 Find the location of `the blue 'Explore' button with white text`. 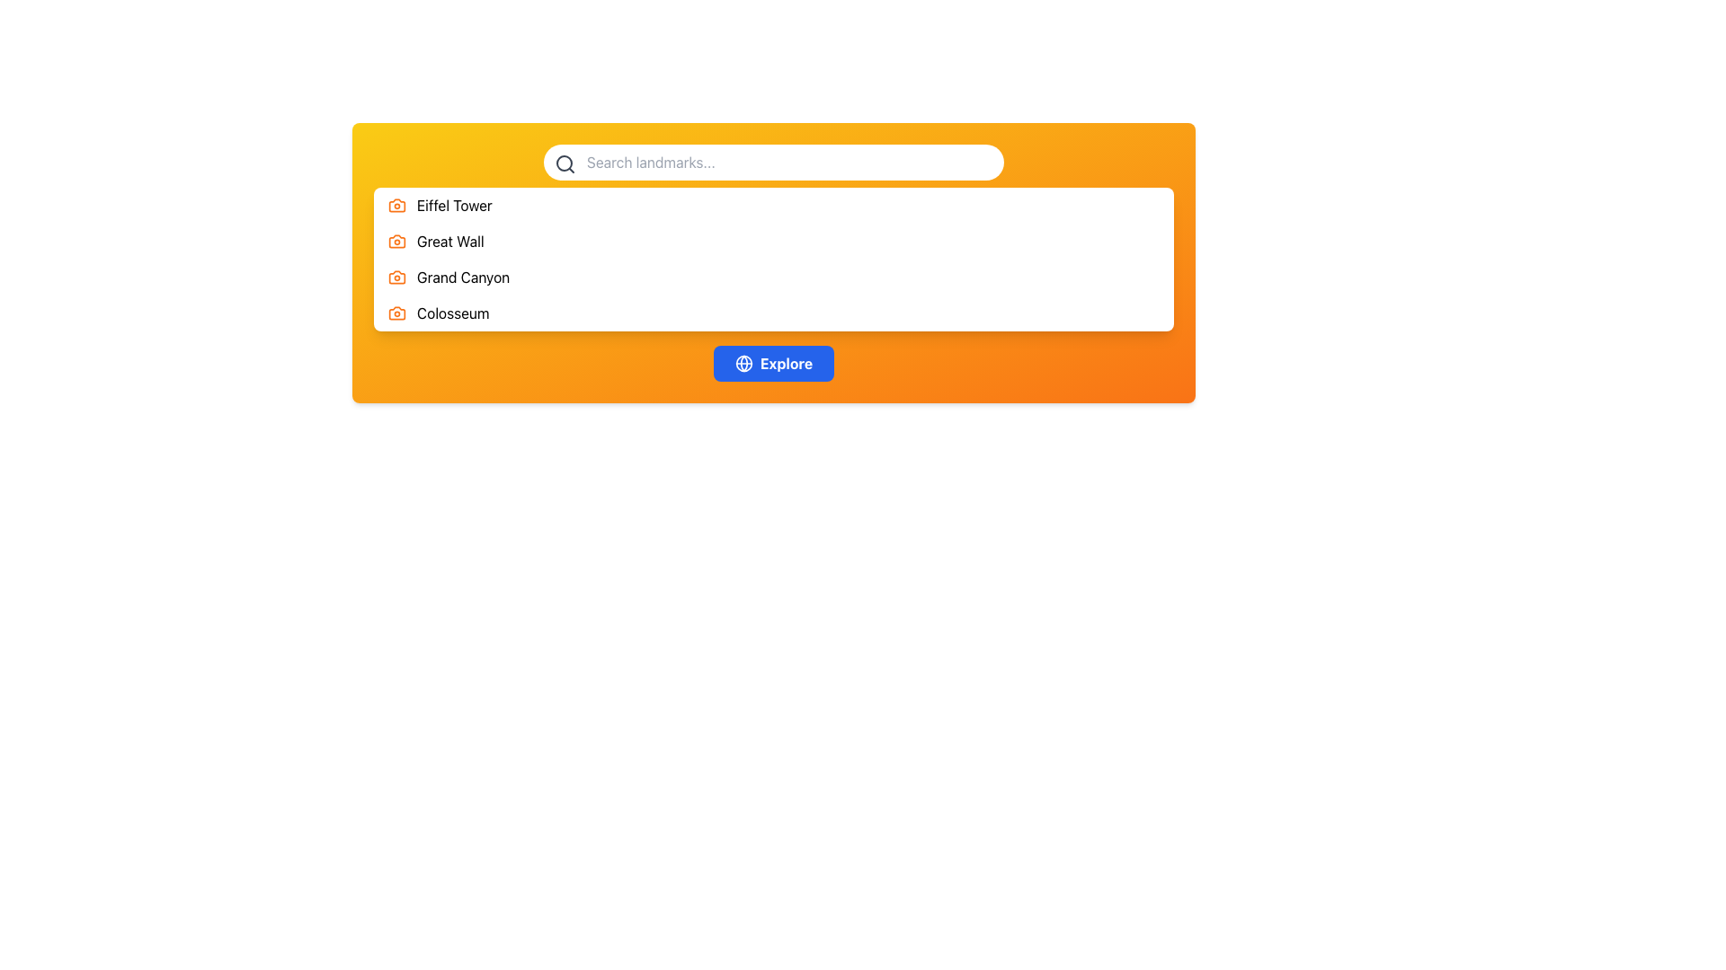

the blue 'Explore' button with white text is located at coordinates (773, 364).